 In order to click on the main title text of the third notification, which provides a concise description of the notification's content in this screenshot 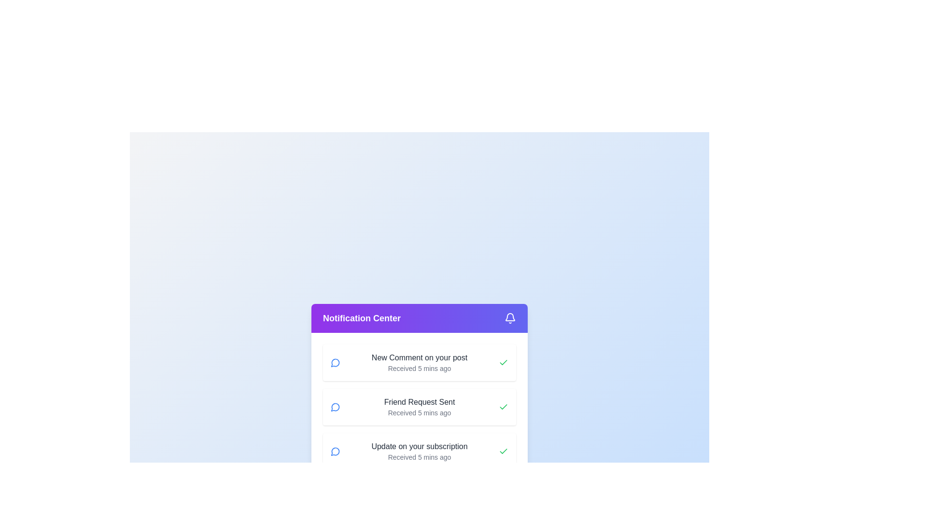, I will do `click(419, 446)`.